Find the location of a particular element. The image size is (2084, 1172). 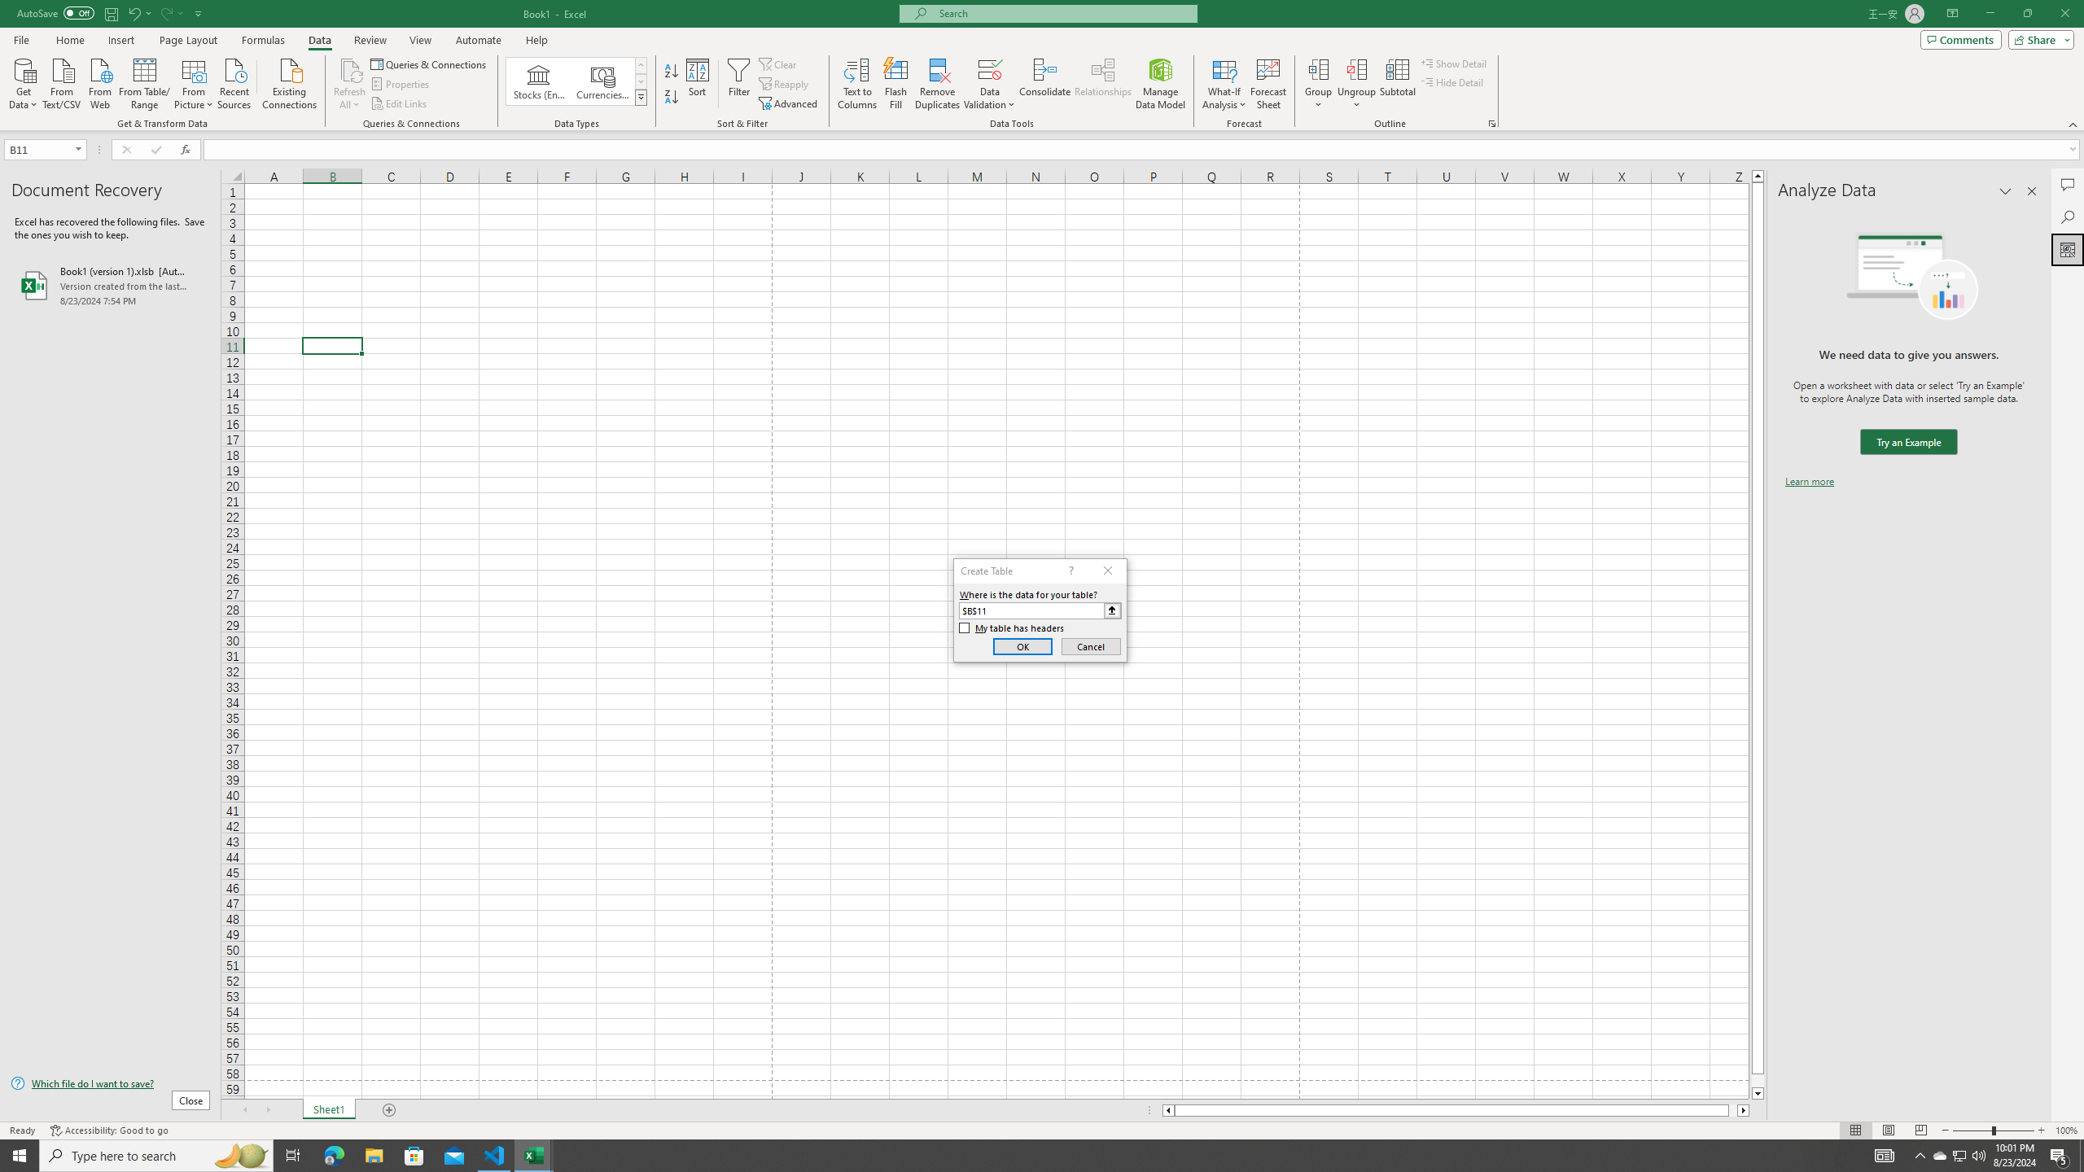

'Reapply' is located at coordinates (786, 84).